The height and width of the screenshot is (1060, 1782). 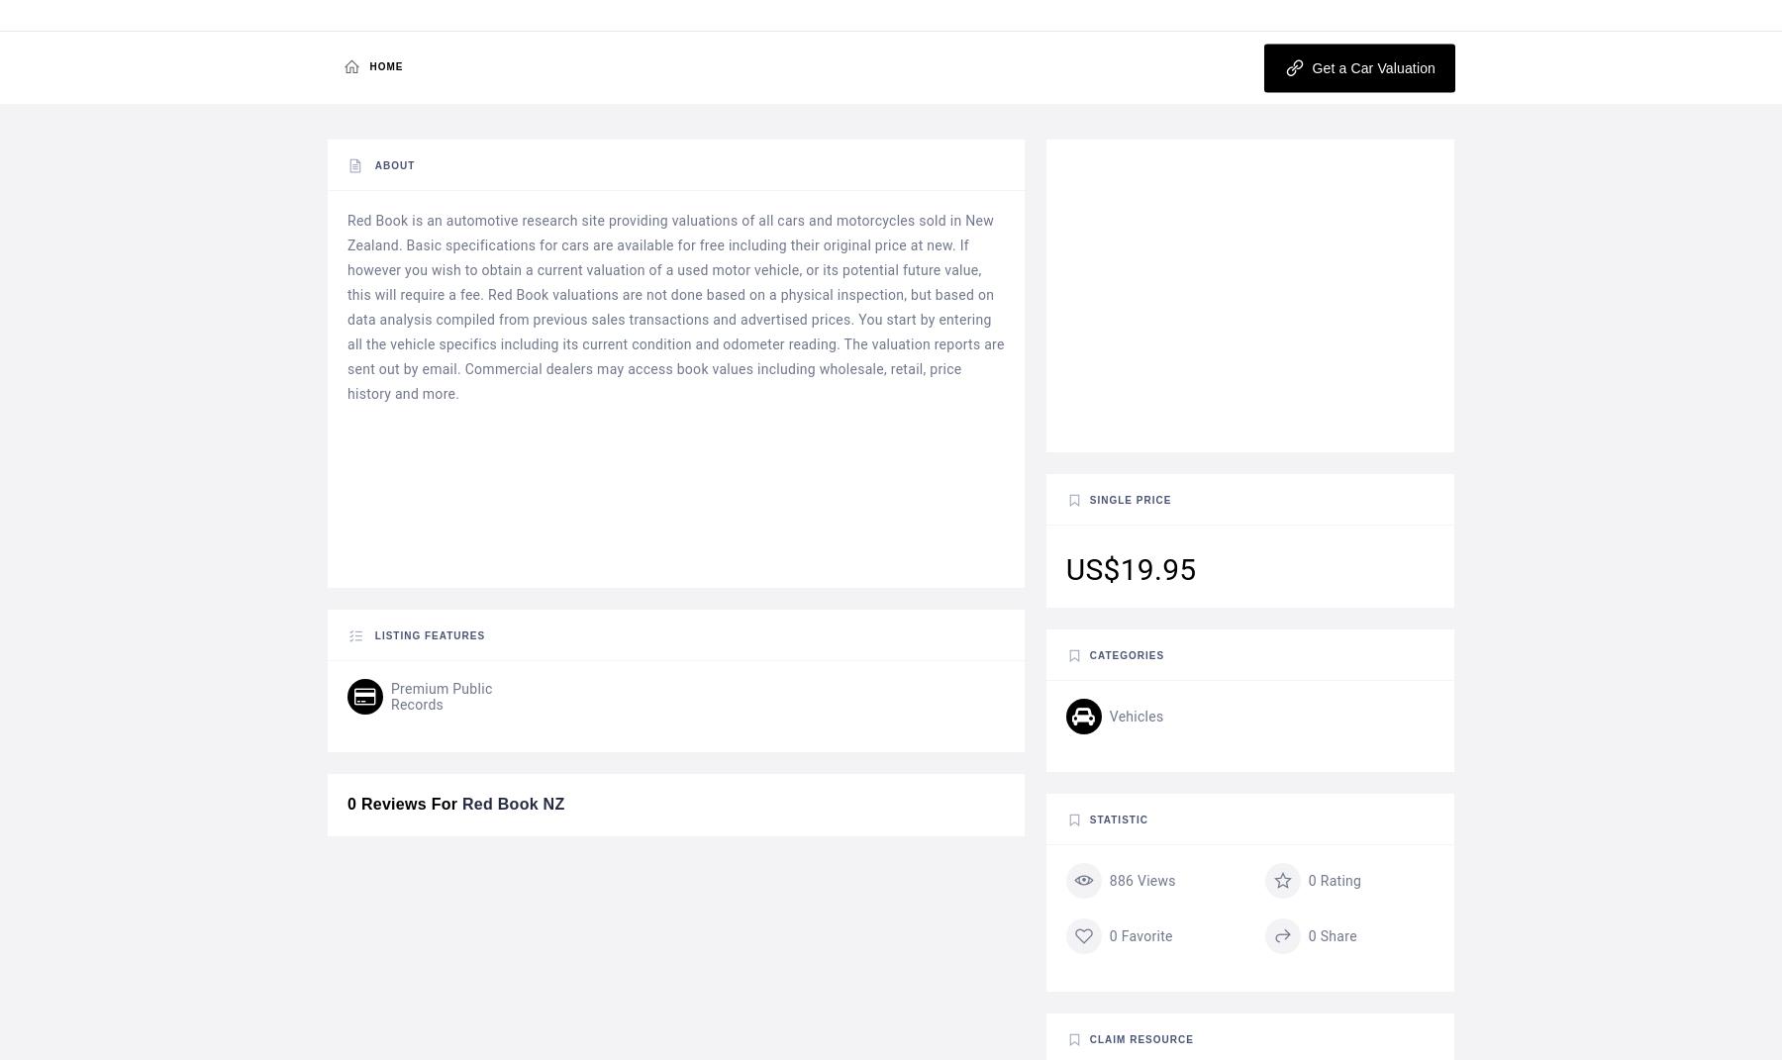 I want to click on '0 Favorite', so click(x=1139, y=934).